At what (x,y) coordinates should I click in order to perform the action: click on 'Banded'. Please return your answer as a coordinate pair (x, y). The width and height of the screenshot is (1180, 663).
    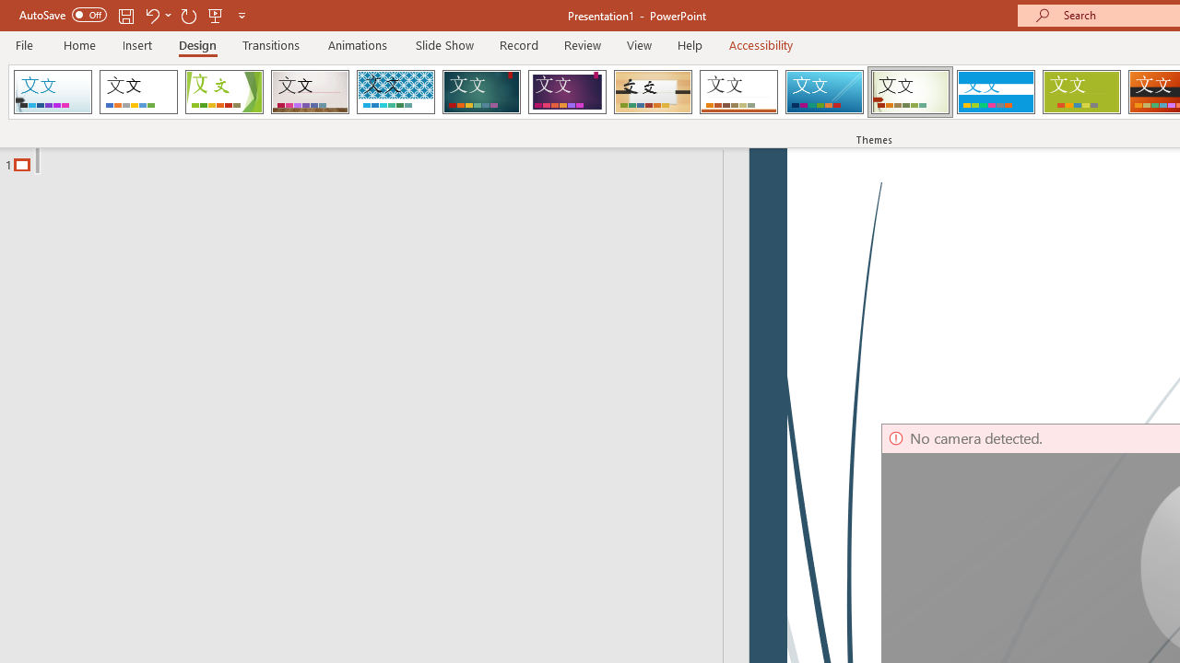
    Looking at the image, I should click on (995, 92).